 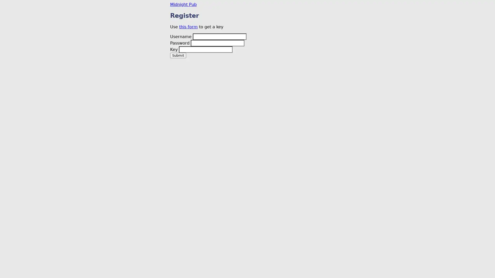 I want to click on Submit, so click(x=178, y=55).